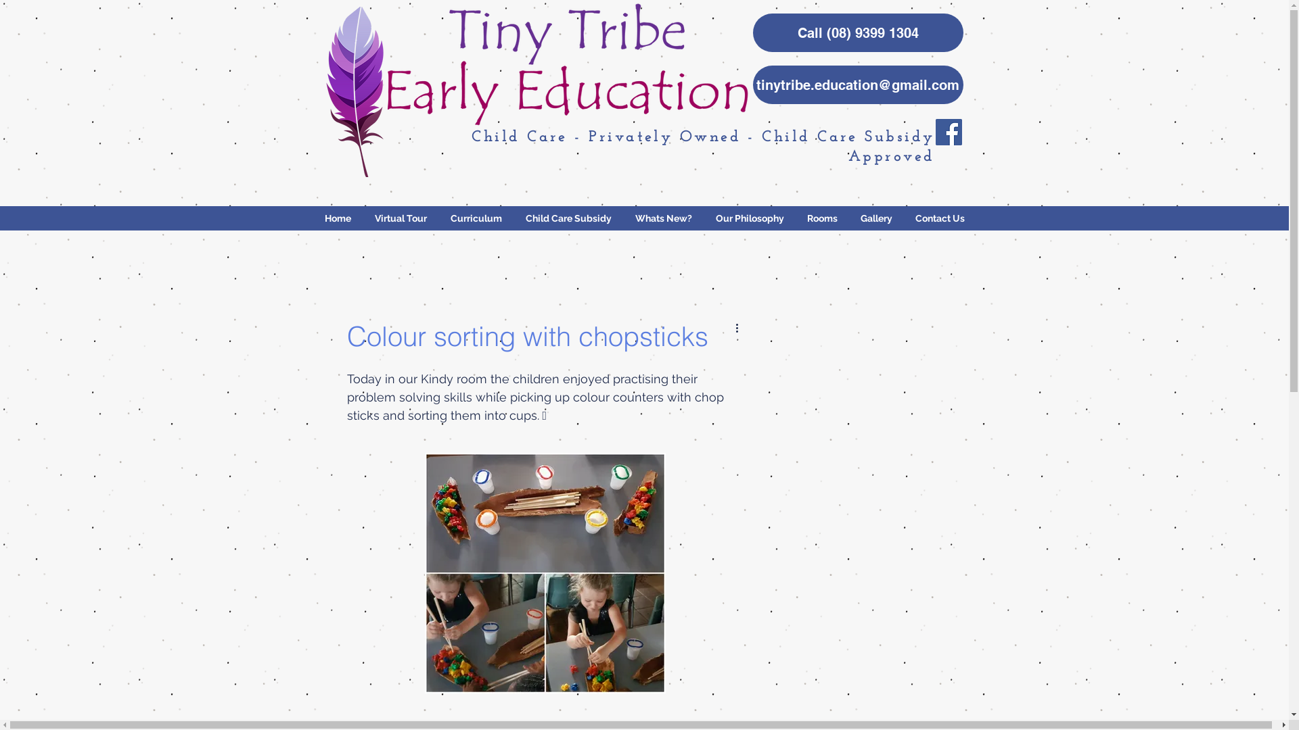 The height and width of the screenshot is (730, 1299). Describe the element at coordinates (622, 218) in the screenshot. I see `'Whats New?'` at that location.